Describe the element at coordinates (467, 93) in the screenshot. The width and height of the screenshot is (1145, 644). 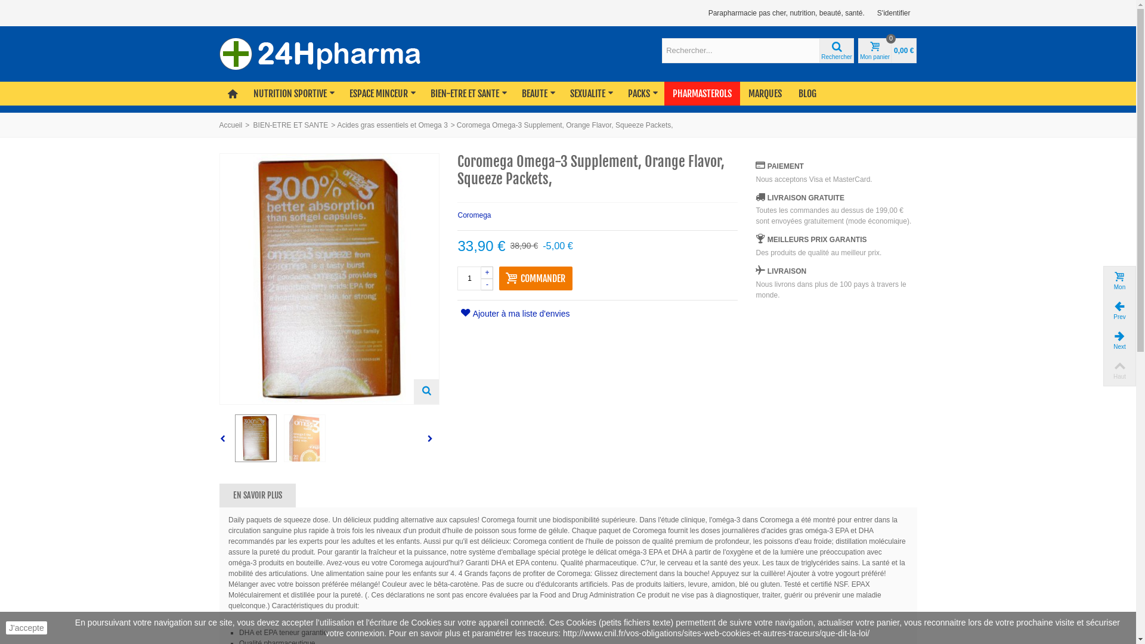
I see `'BIEN-ETRE ET SANTE'` at that location.